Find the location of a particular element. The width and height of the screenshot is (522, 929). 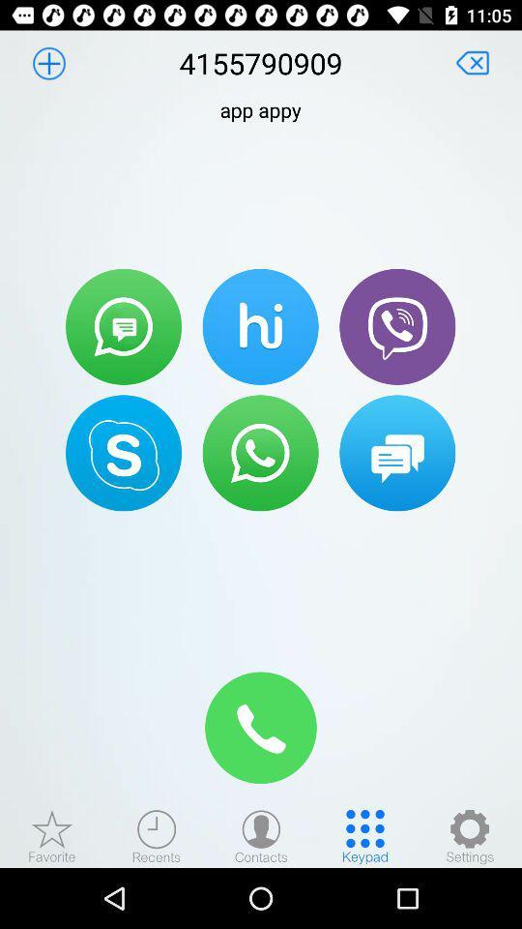

the star icon is located at coordinates (52, 835).